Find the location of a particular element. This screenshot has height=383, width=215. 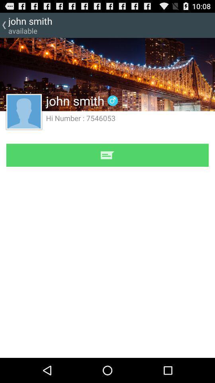

icon above hi number : 7546053 app is located at coordinates (112, 100).